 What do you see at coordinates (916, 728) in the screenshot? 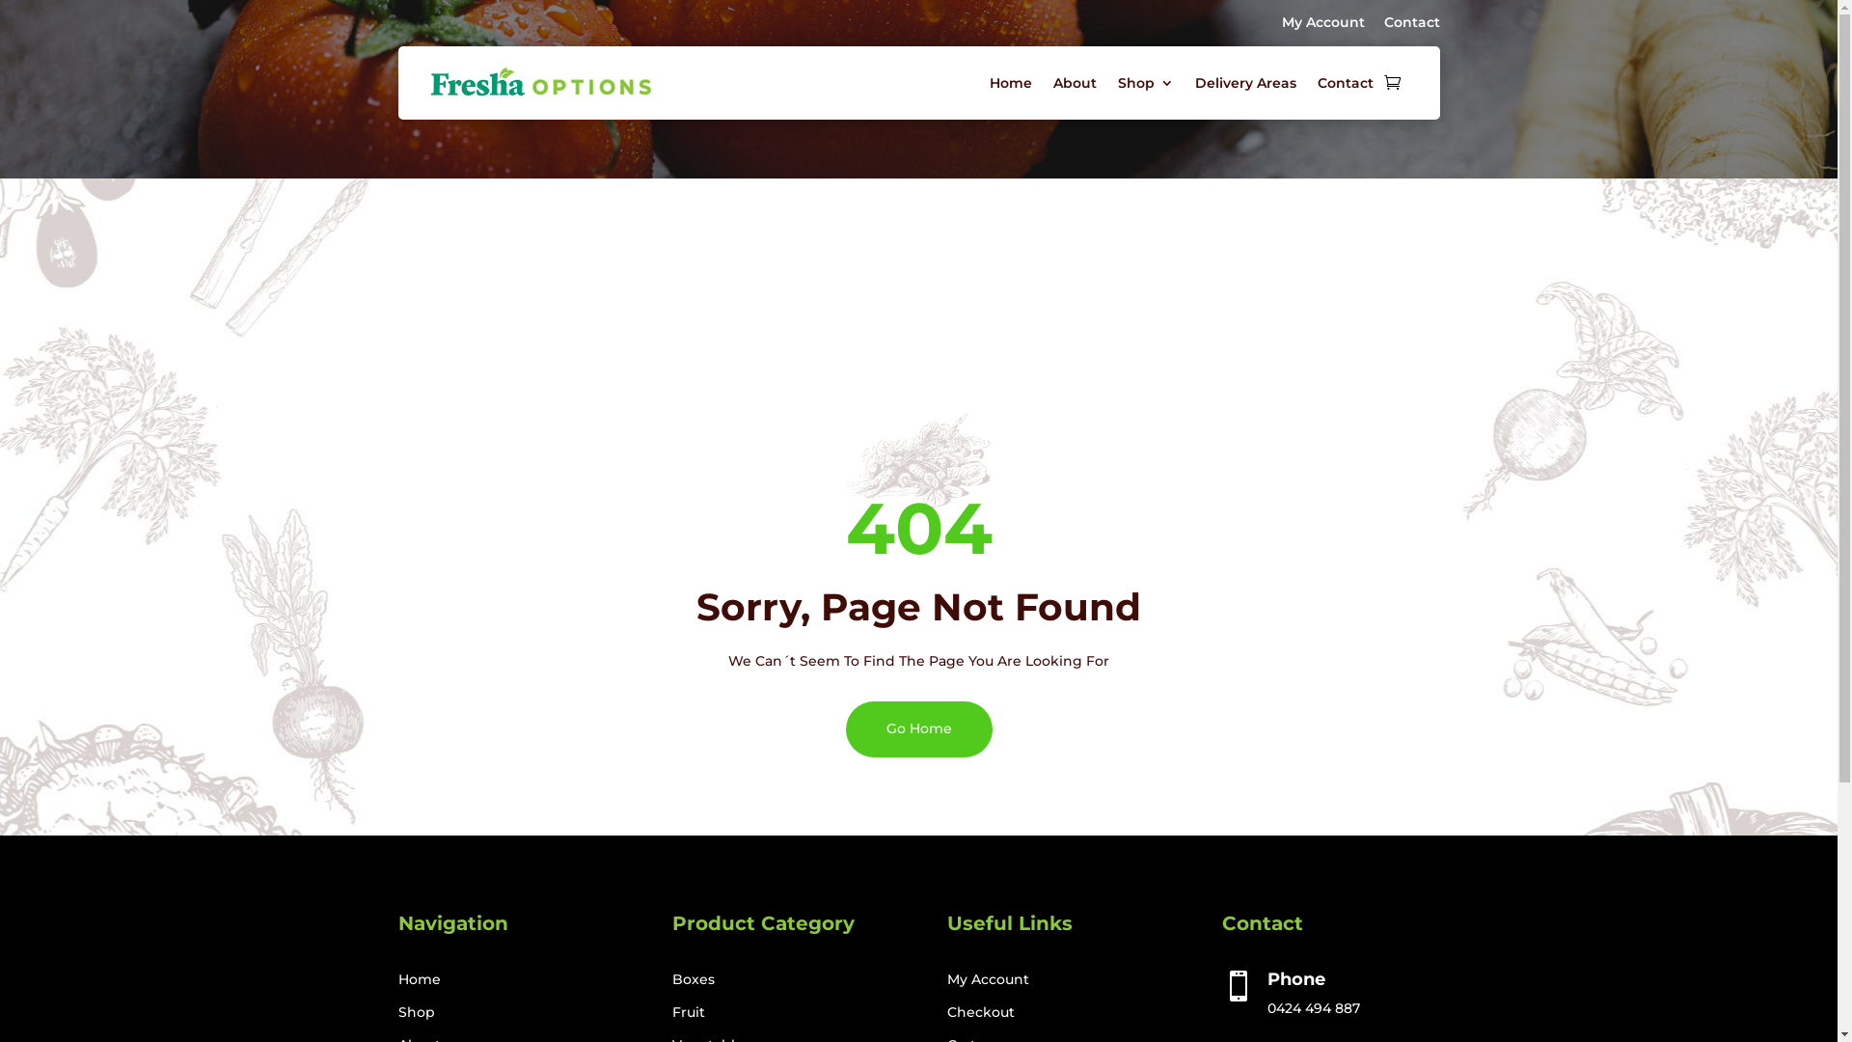
I see `'Go Home'` at bounding box center [916, 728].